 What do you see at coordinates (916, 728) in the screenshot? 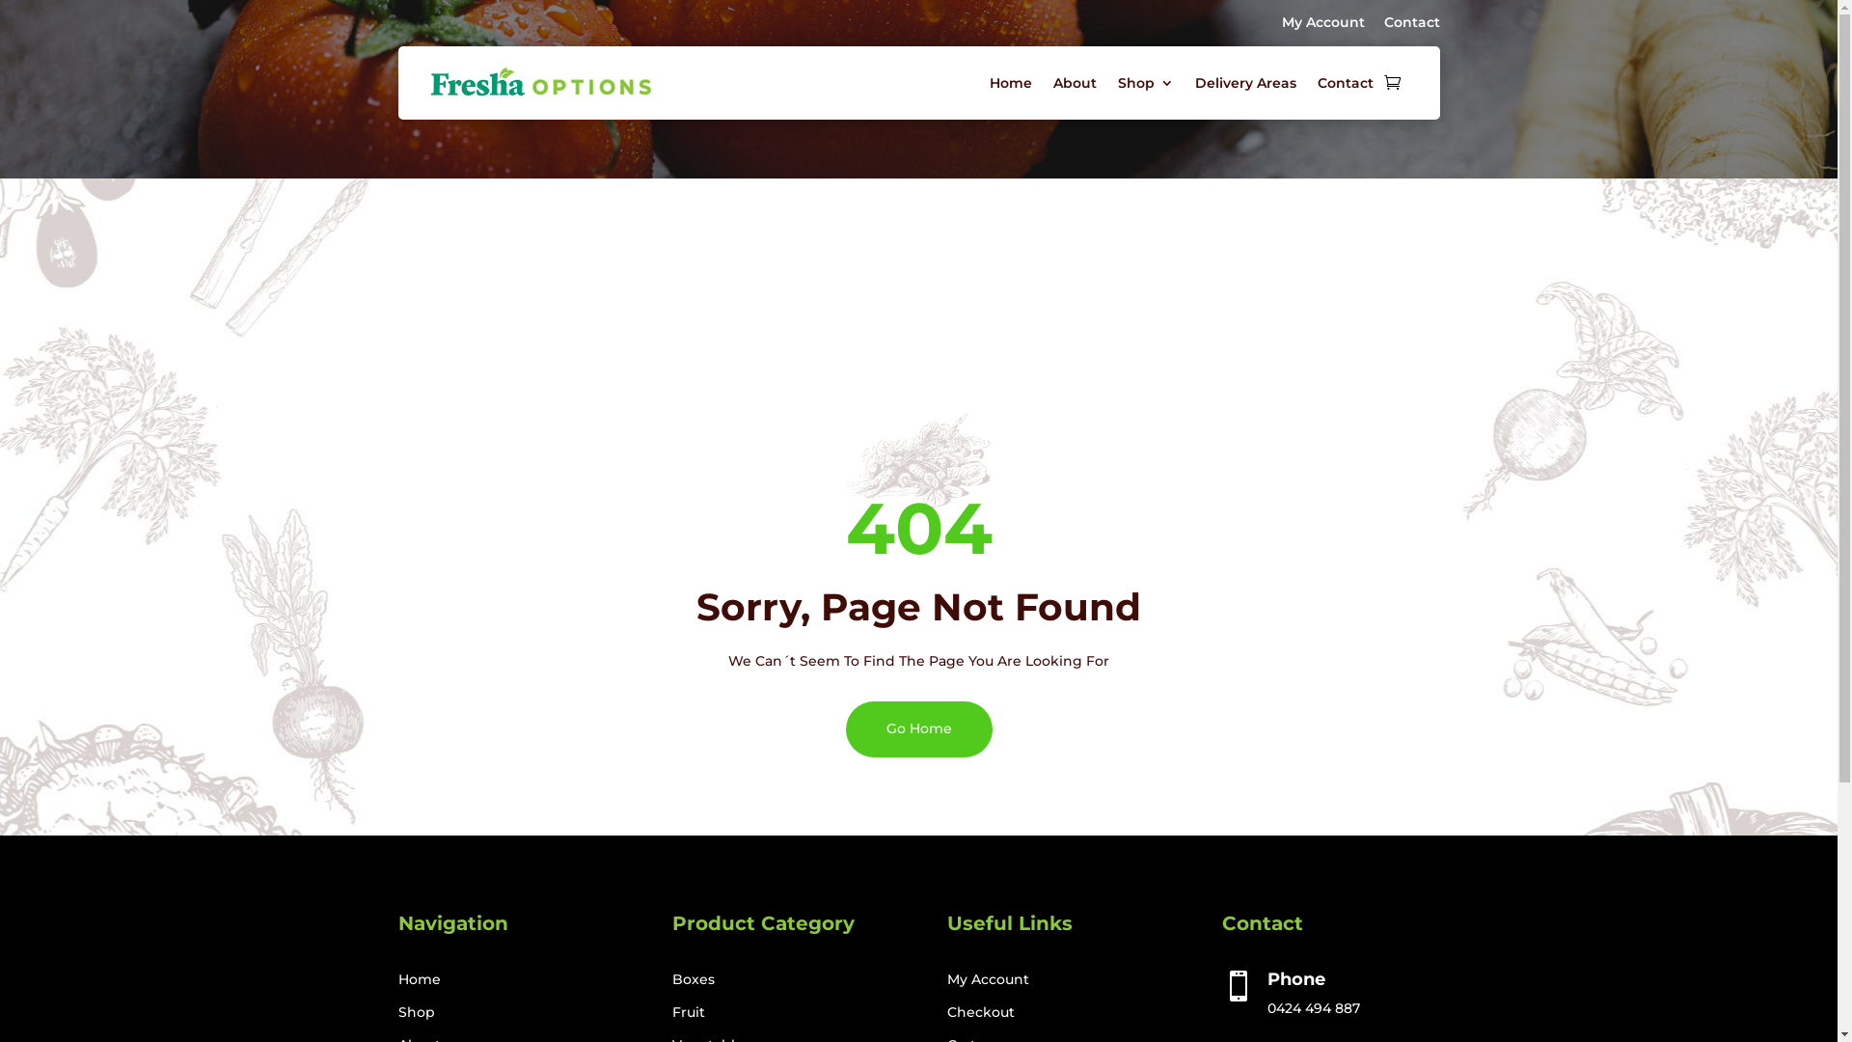
I see `'Go Home'` at bounding box center [916, 728].